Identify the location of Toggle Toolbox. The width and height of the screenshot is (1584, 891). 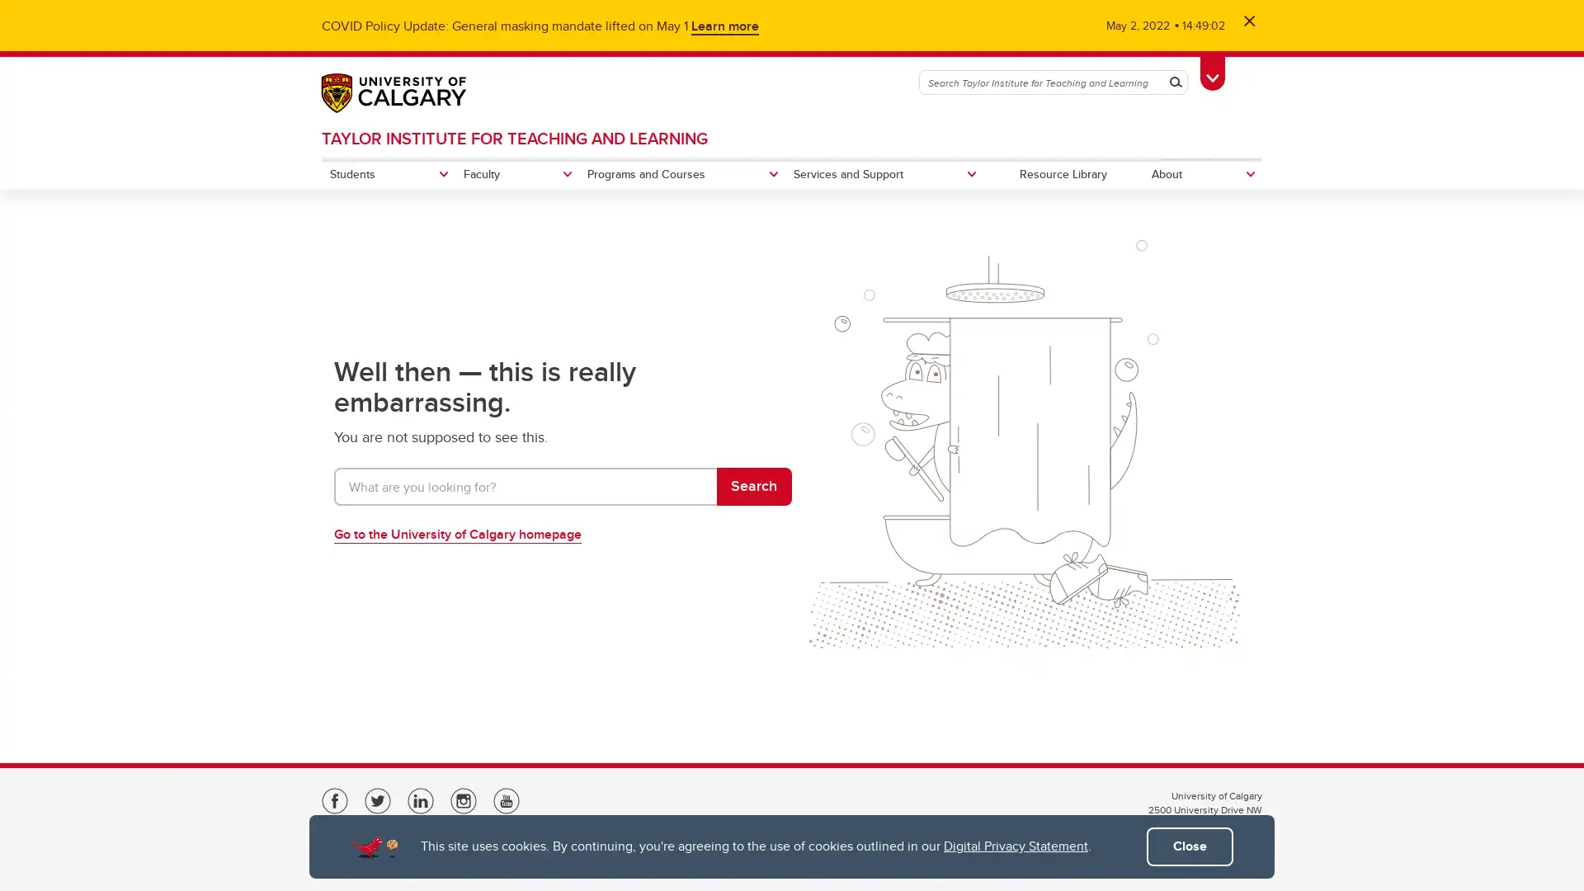
(1212, 72).